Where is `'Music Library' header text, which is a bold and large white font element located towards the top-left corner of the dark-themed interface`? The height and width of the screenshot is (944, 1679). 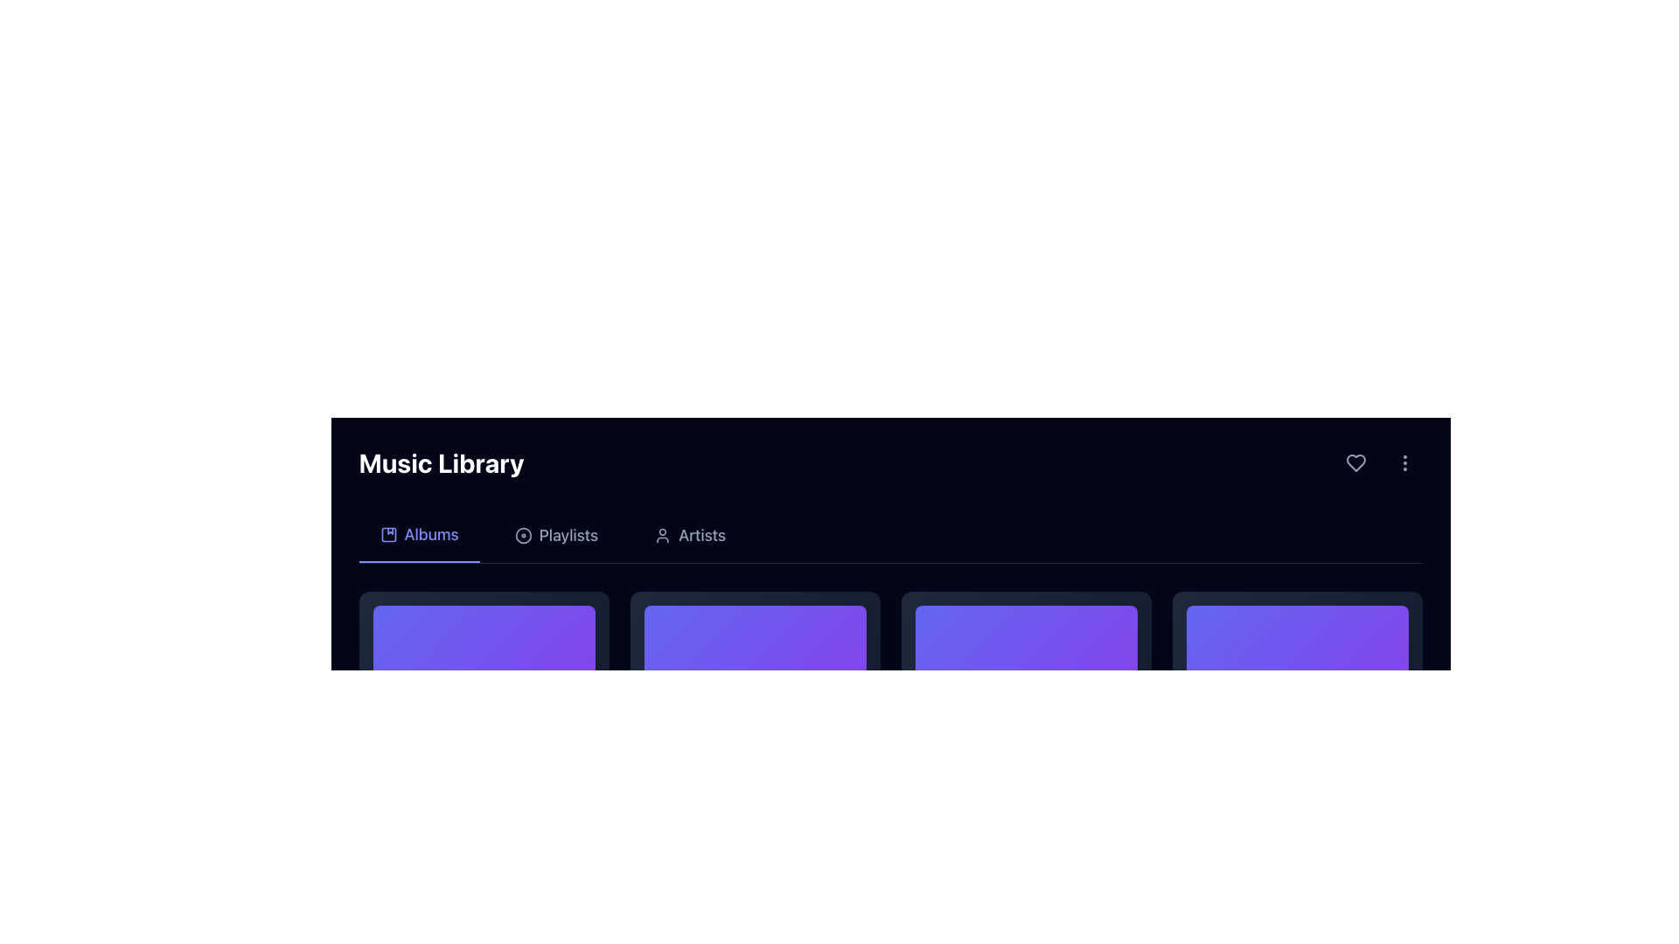
'Music Library' header text, which is a bold and large white font element located towards the top-left corner of the dark-themed interface is located at coordinates (442, 462).